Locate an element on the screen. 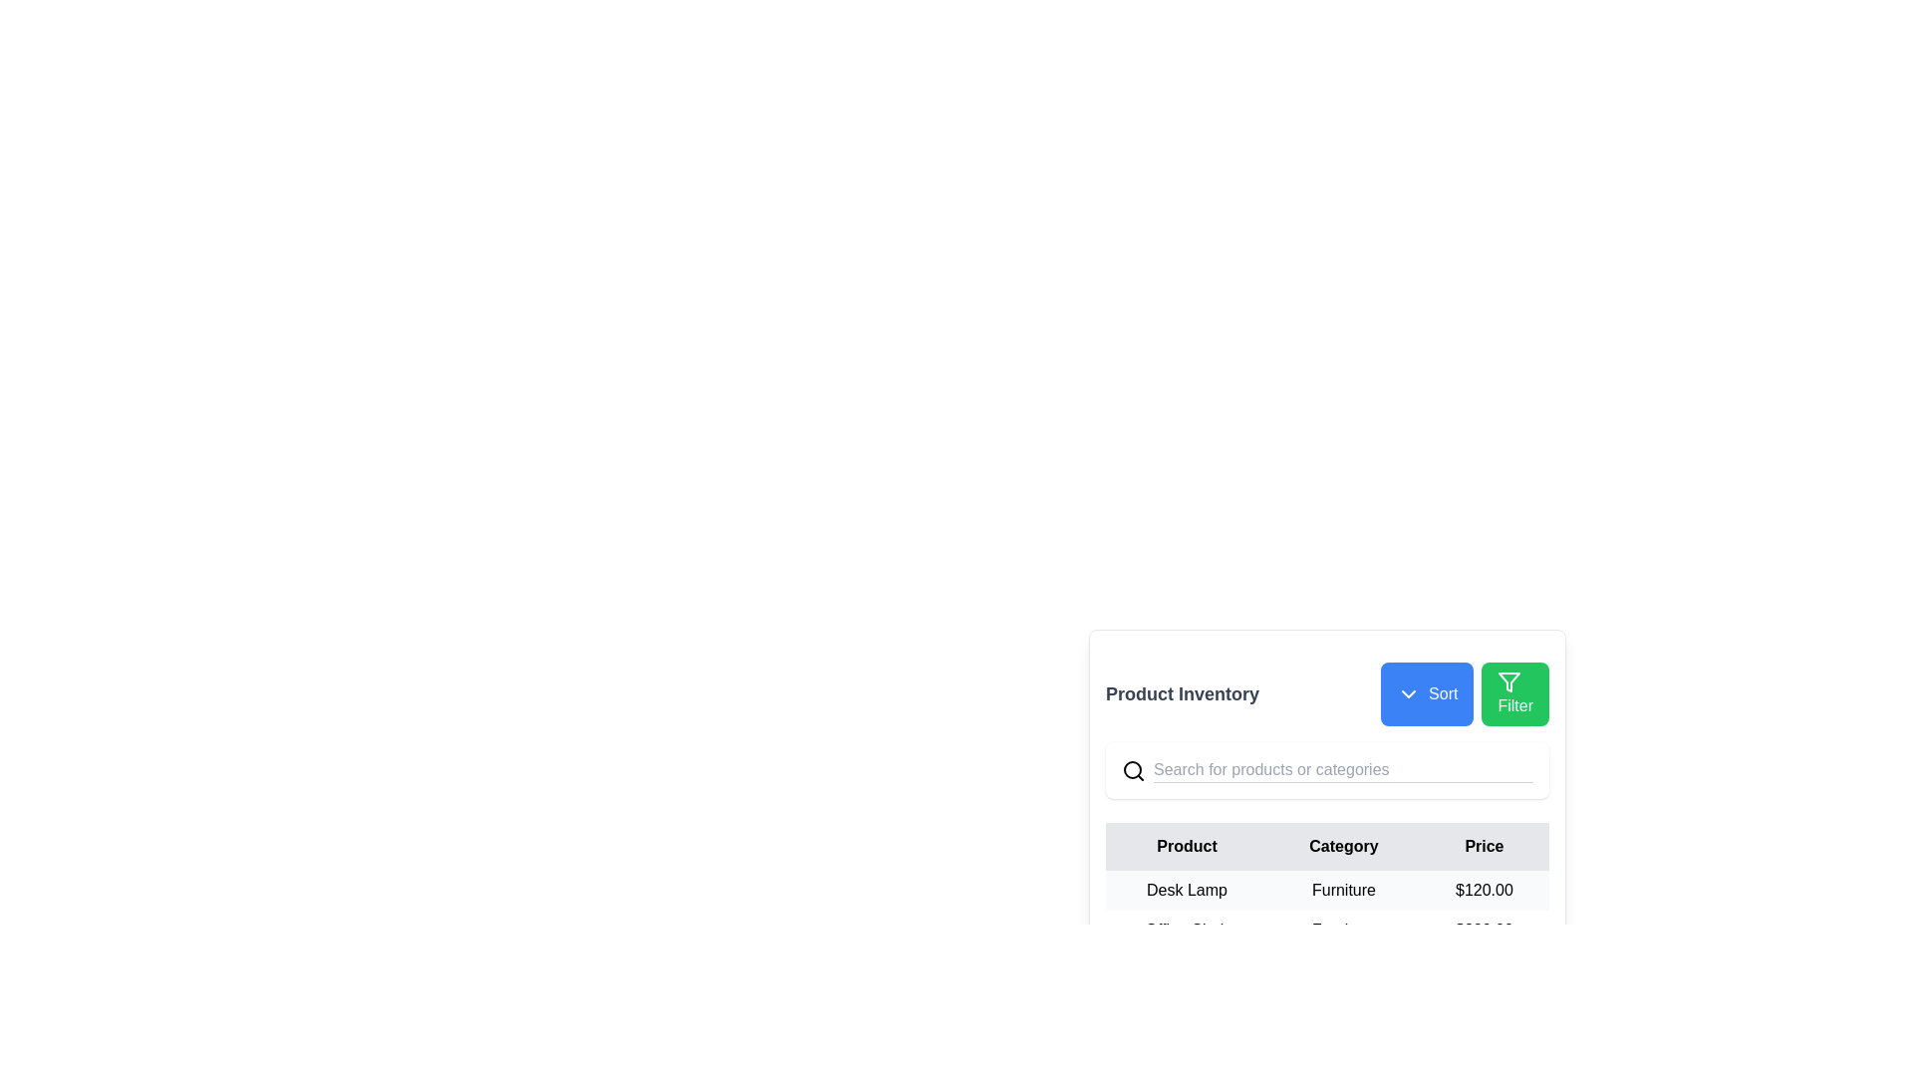  the Table Header Row containing the labels 'Product', 'Category', and 'Price', which is located below the search bar and serves as the first row of the table is located at coordinates (1327, 846).